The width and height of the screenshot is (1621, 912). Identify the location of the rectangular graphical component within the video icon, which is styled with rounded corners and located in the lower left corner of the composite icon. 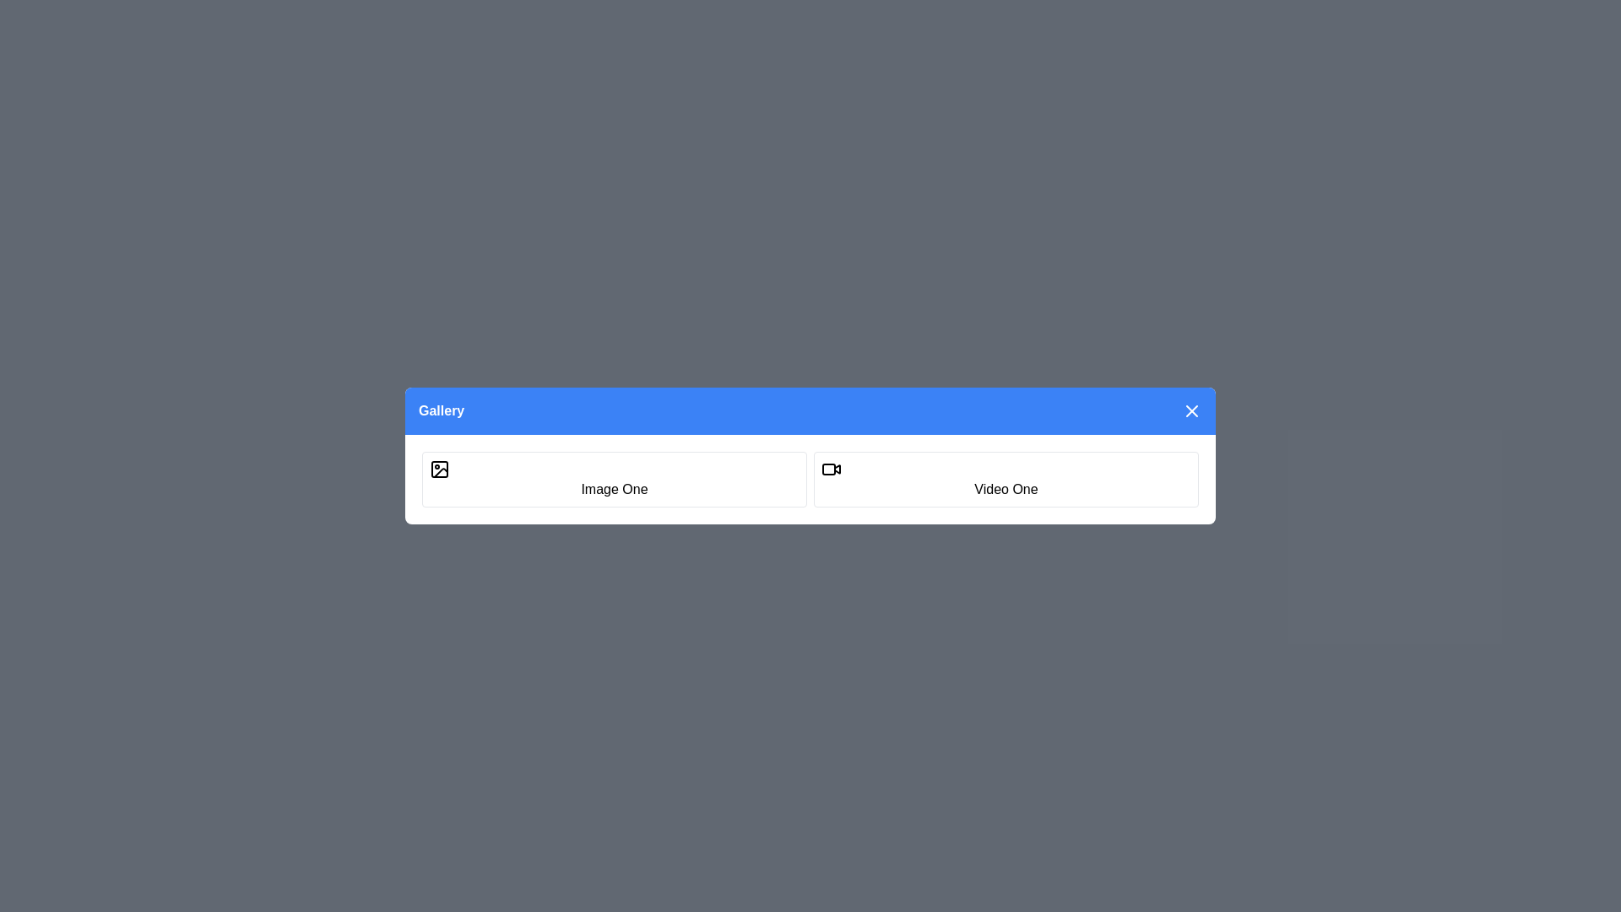
(829, 469).